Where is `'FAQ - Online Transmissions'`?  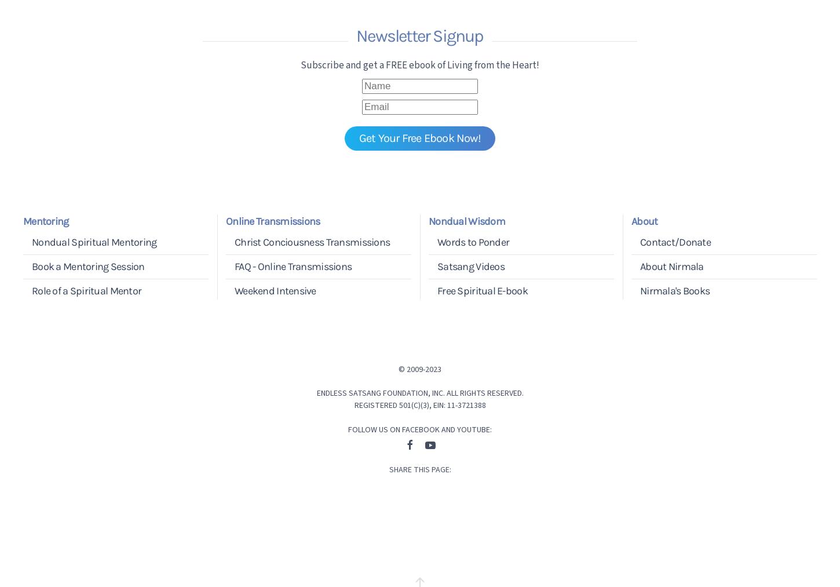
'FAQ - Online Transmissions' is located at coordinates (233, 266).